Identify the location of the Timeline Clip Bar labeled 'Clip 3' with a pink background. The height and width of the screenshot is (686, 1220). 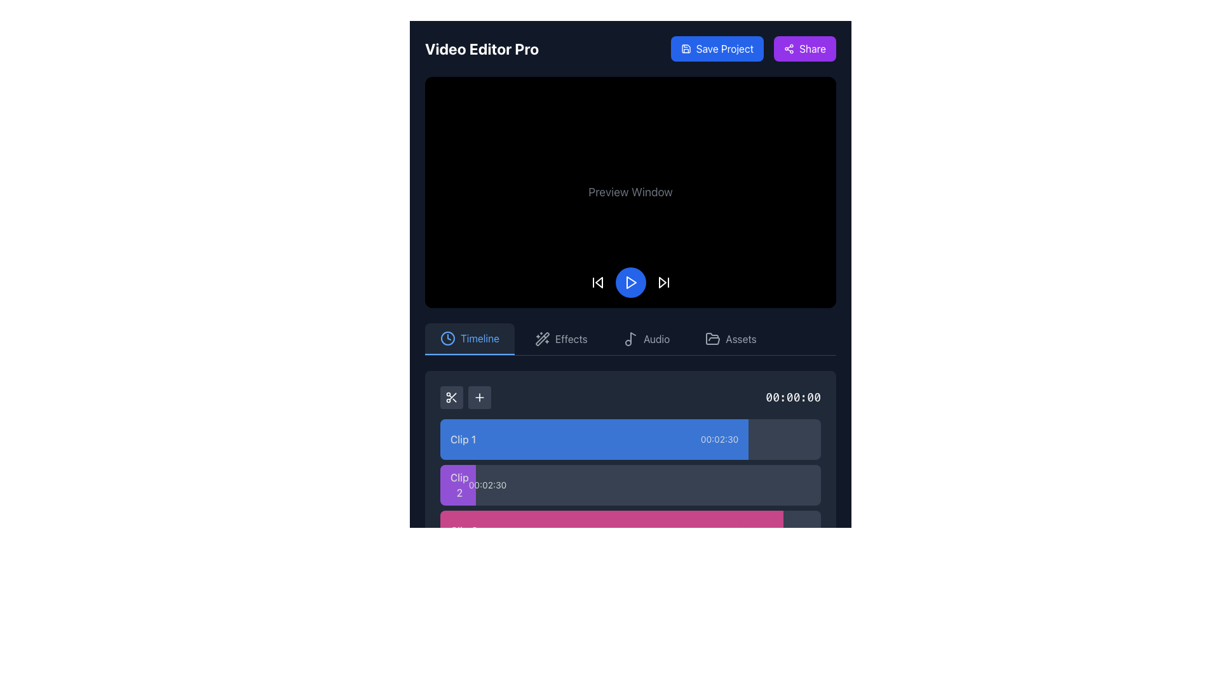
(611, 530).